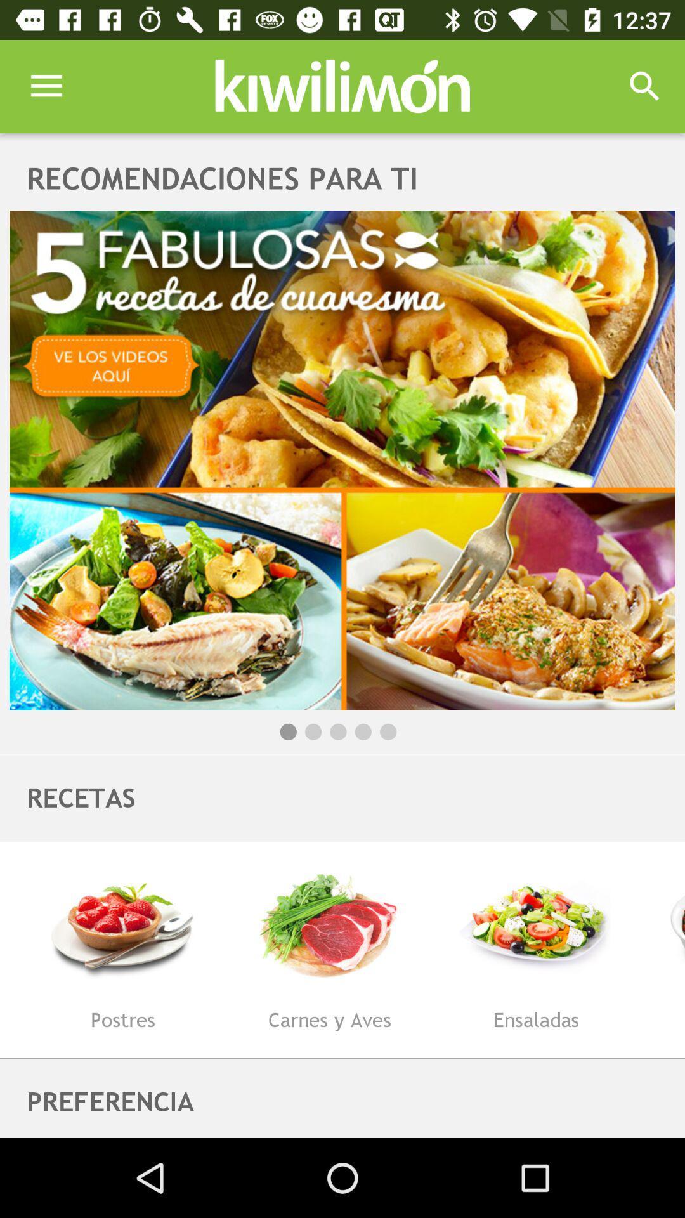 This screenshot has width=685, height=1218. Describe the element at coordinates (645, 86) in the screenshot. I see `icon above the recomendaciones para ti item` at that location.